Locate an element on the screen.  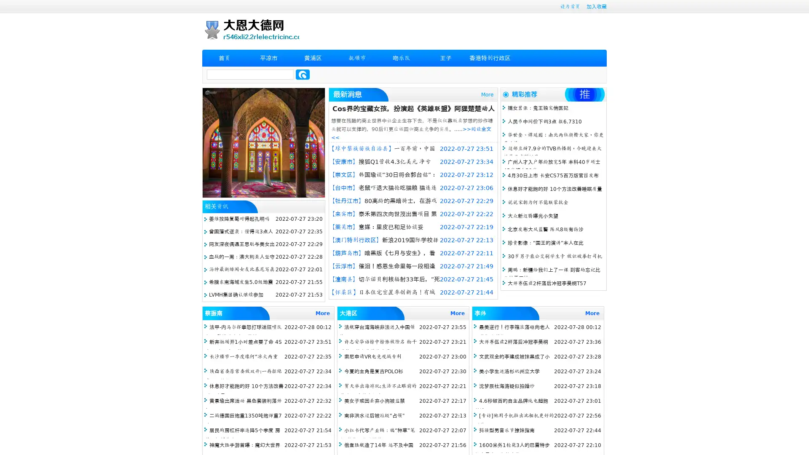
Search is located at coordinates (303, 74).